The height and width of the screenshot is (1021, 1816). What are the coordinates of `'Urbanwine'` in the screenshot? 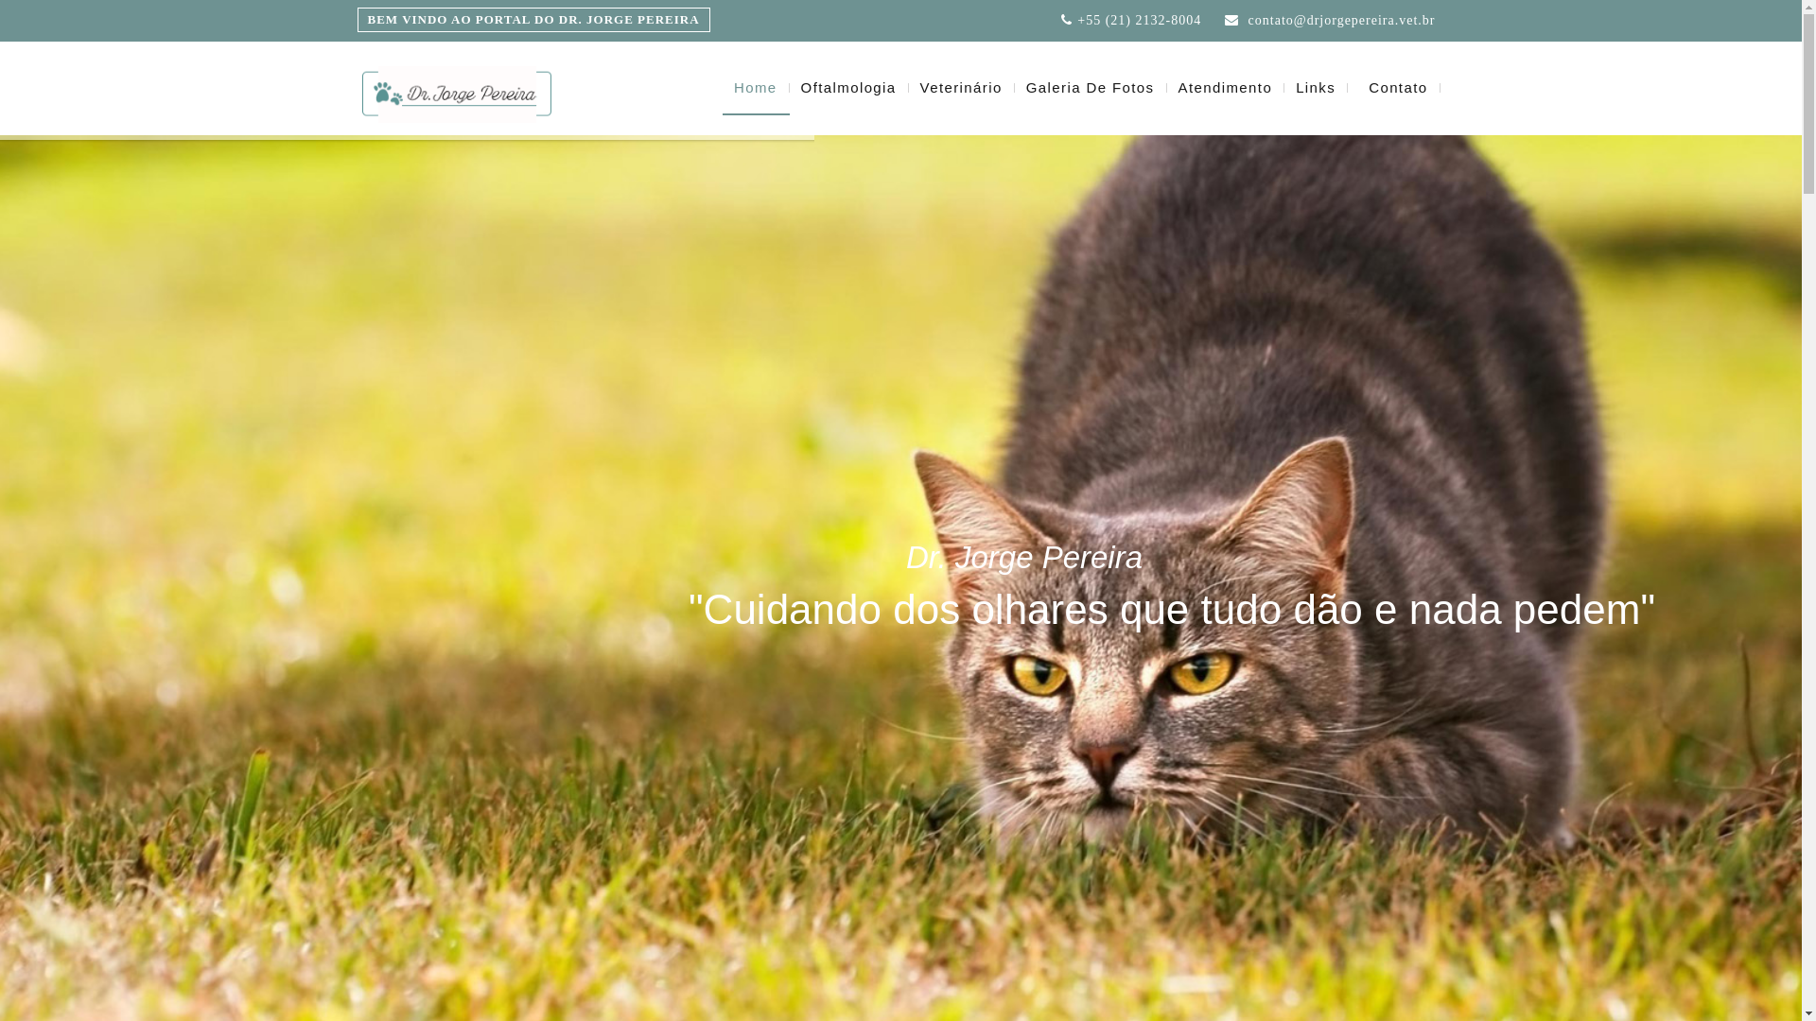 It's located at (455, 94).